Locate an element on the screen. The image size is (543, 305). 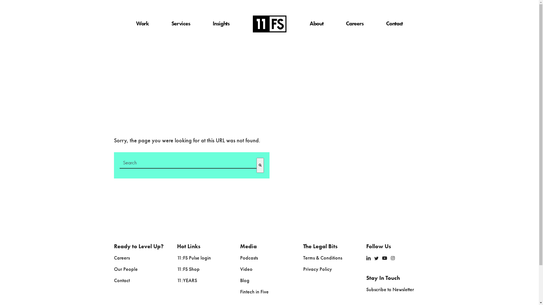
'YouTube' is located at coordinates (384, 258).